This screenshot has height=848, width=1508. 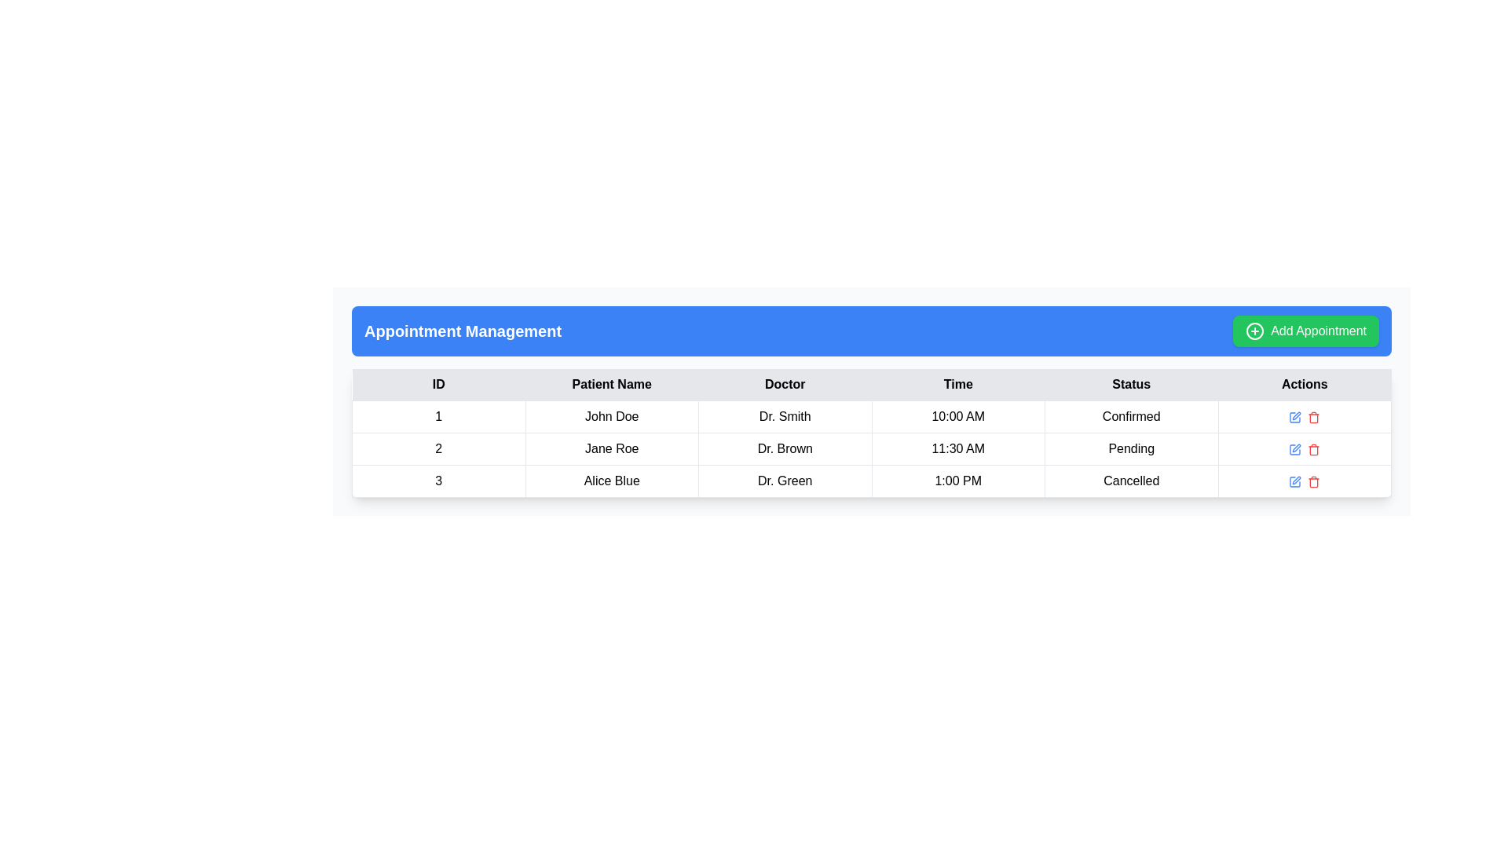 I want to click on the edit icon in the 'Actions' column of the table row where the 'Cancelled' status is displayed, so click(x=1295, y=481).